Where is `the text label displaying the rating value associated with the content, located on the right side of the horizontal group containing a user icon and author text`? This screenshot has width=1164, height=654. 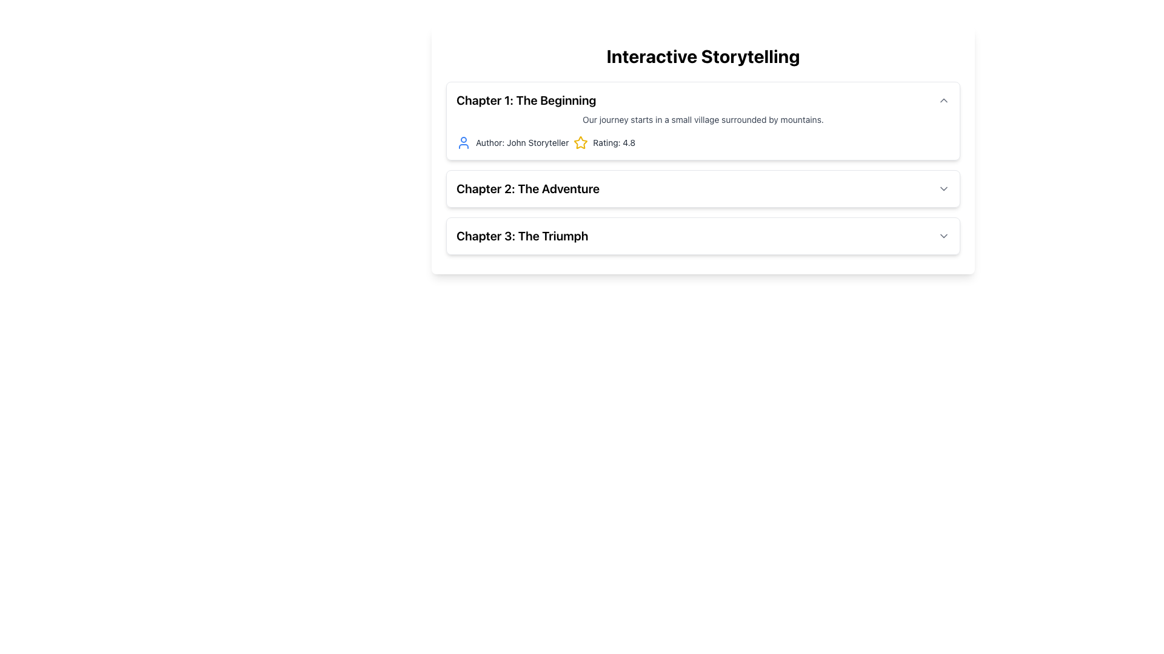 the text label displaying the rating value associated with the content, located on the right side of the horizontal group containing a user icon and author text is located at coordinates (614, 142).